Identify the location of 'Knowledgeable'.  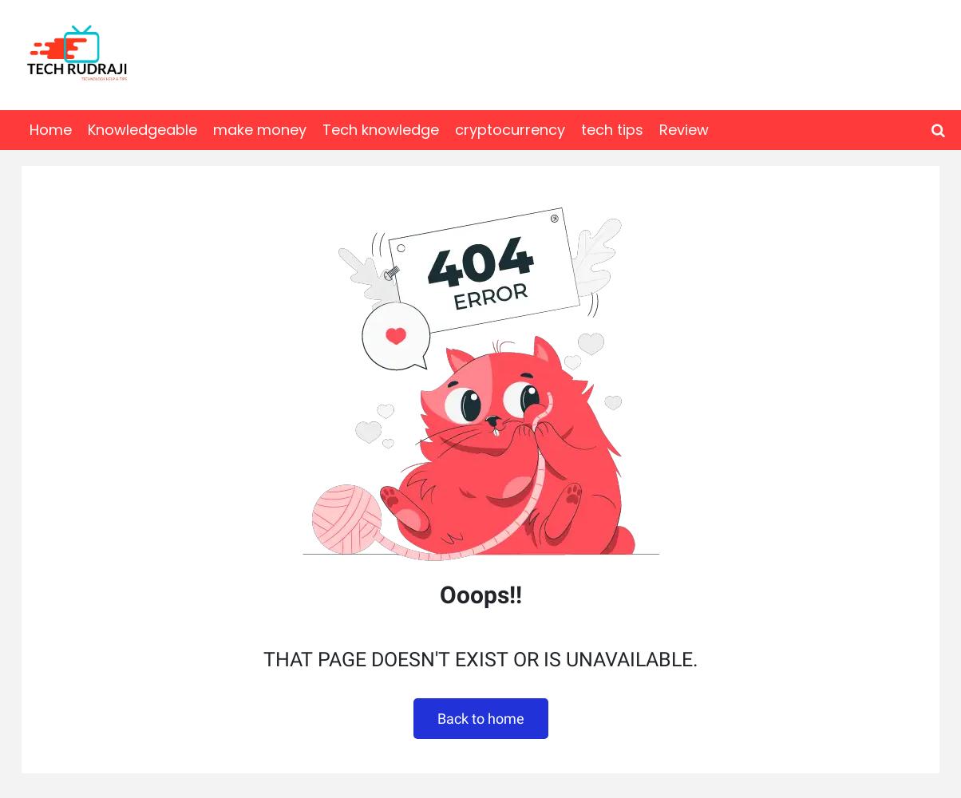
(142, 129).